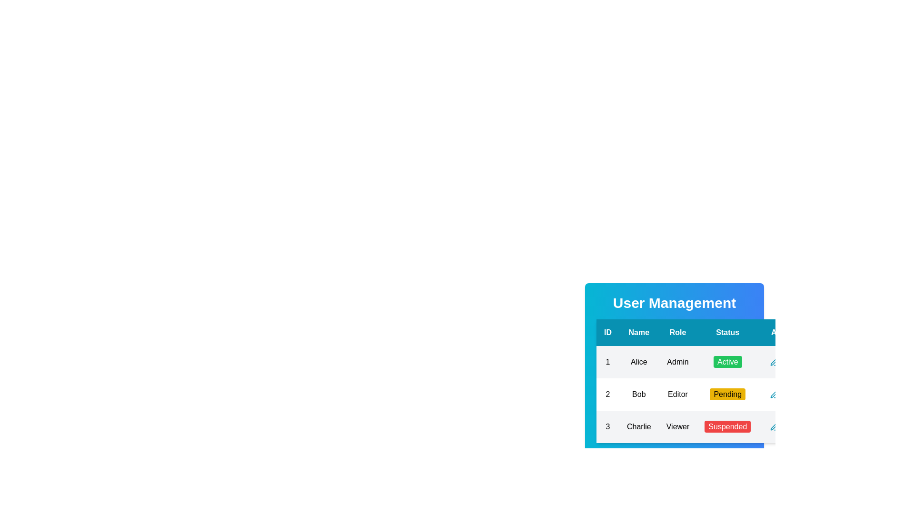 The image size is (914, 514). Describe the element at coordinates (727, 362) in the screenshot. I see `the status label indicating the activation status of user 'Alice' located in the 'Status' column of the table` at that location.